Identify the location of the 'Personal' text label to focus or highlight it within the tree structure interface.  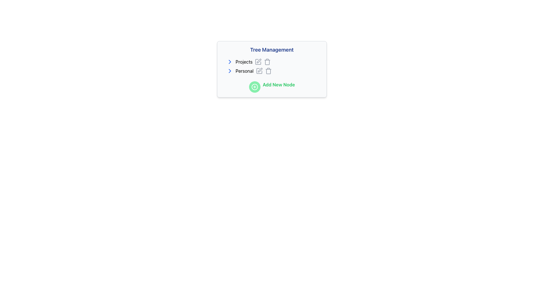
(244, 71).